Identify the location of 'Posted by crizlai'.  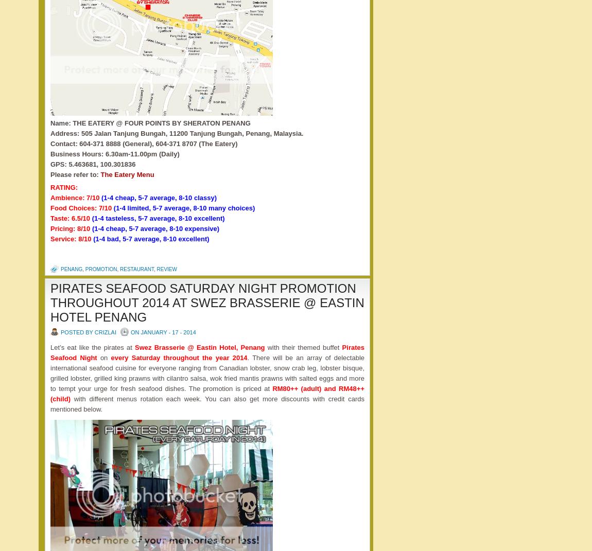
(88, 331).